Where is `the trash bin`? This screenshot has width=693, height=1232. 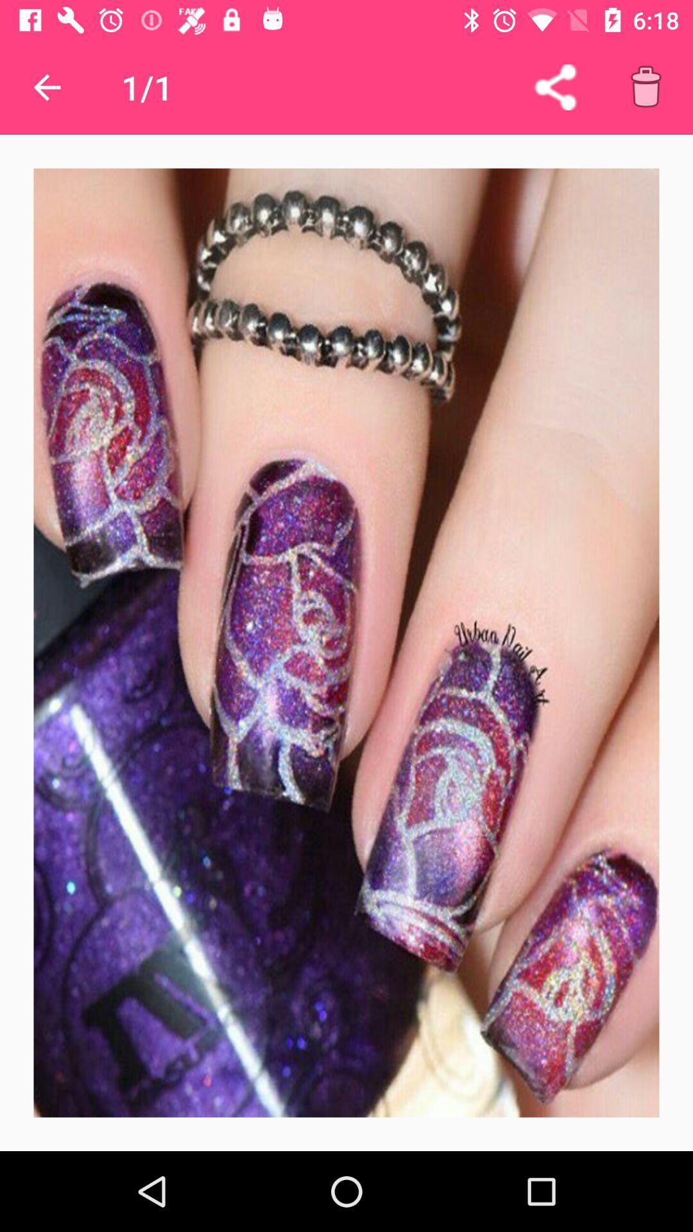 the trash bin is located at coordinates (646, 87).